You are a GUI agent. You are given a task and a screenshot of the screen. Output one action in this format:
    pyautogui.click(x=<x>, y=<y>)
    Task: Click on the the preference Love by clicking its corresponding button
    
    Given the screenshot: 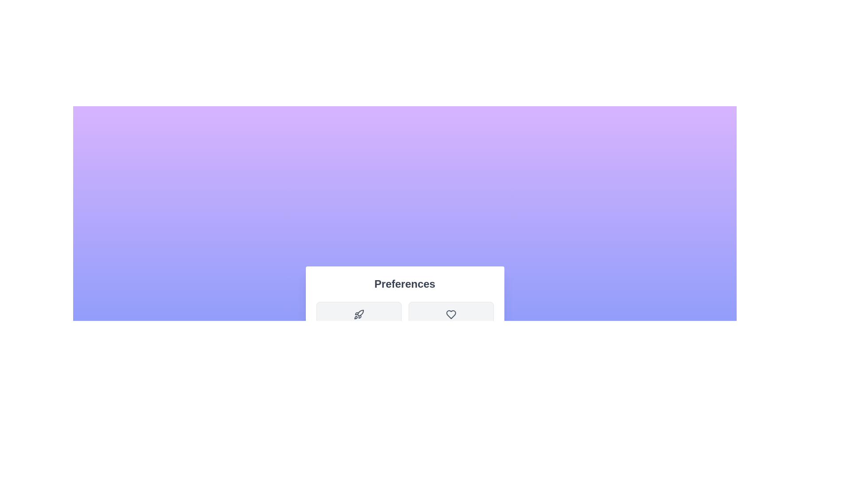 What is the action you would take?
    pyautogui.click(x=451, y=323)
    